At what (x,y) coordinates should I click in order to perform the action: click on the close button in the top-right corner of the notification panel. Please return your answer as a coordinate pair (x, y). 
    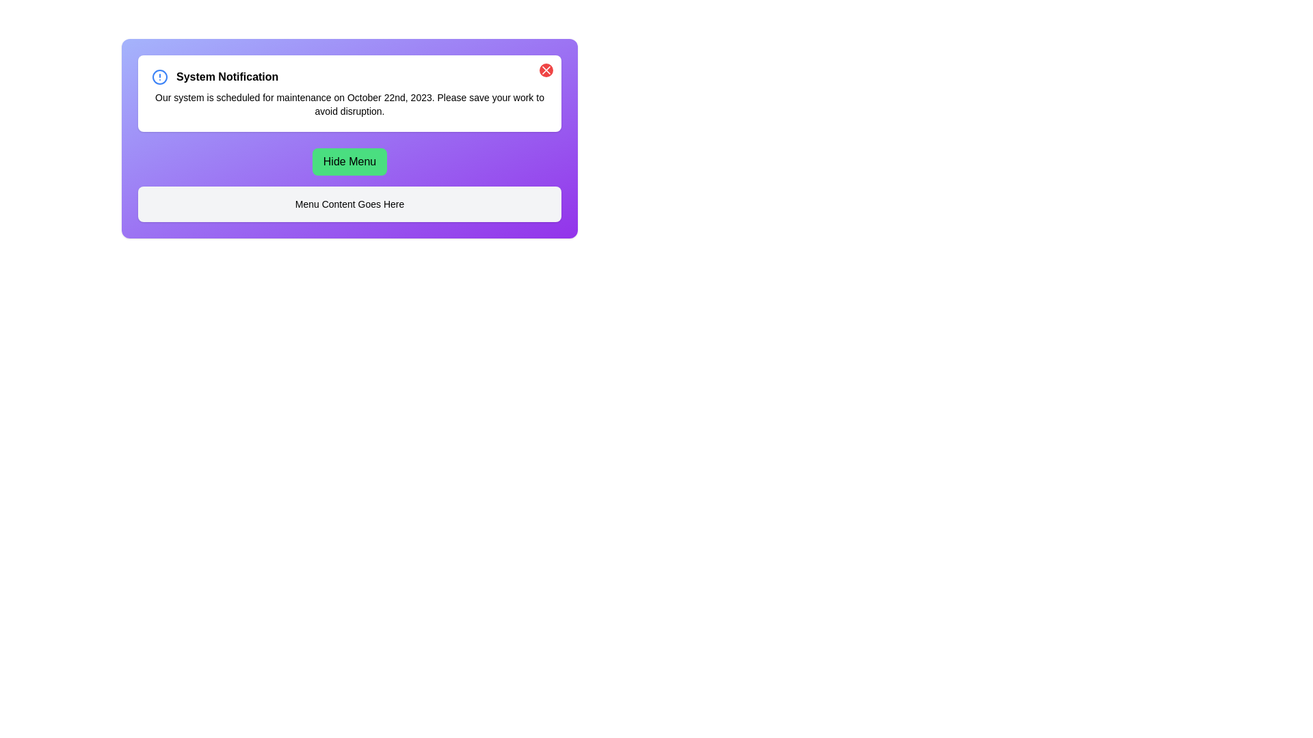
    Looking at the image, I should click on (545, 70).